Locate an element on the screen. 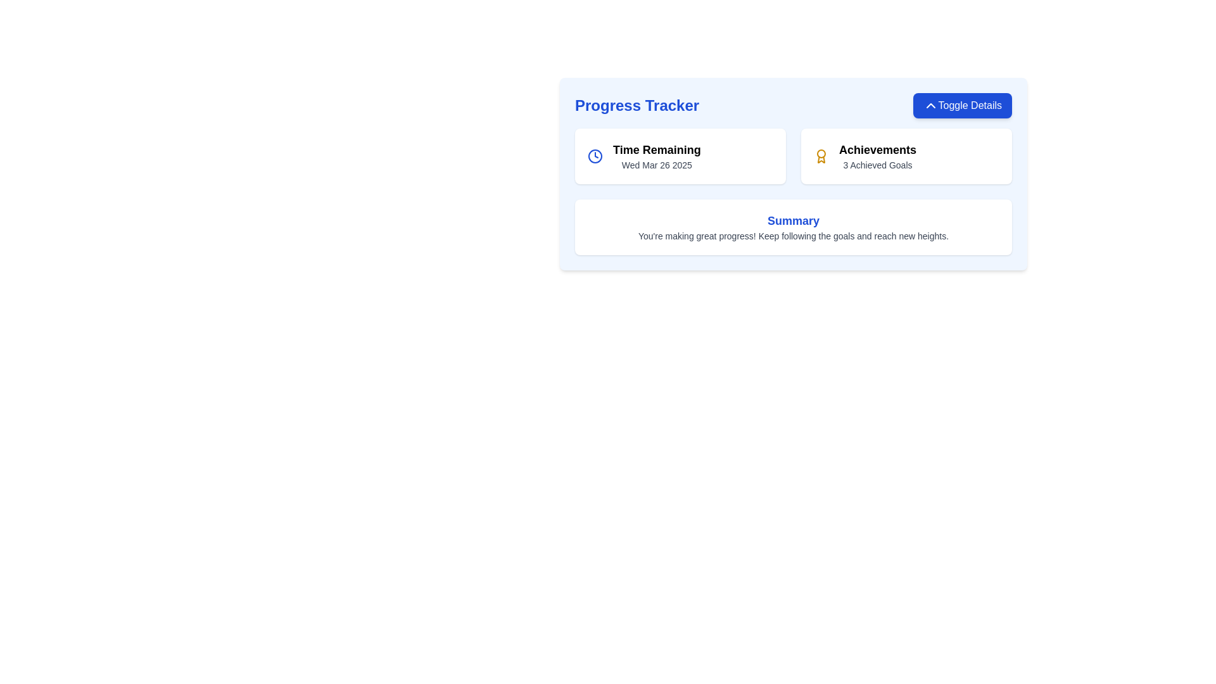 This screenshot has height=684, width=1216. displayed text of the Text Label located near the top-left section of the 'Progress Tracker' panel, which indicates the remaining time until a specified date or deadline is located at coordinates (657, 149).